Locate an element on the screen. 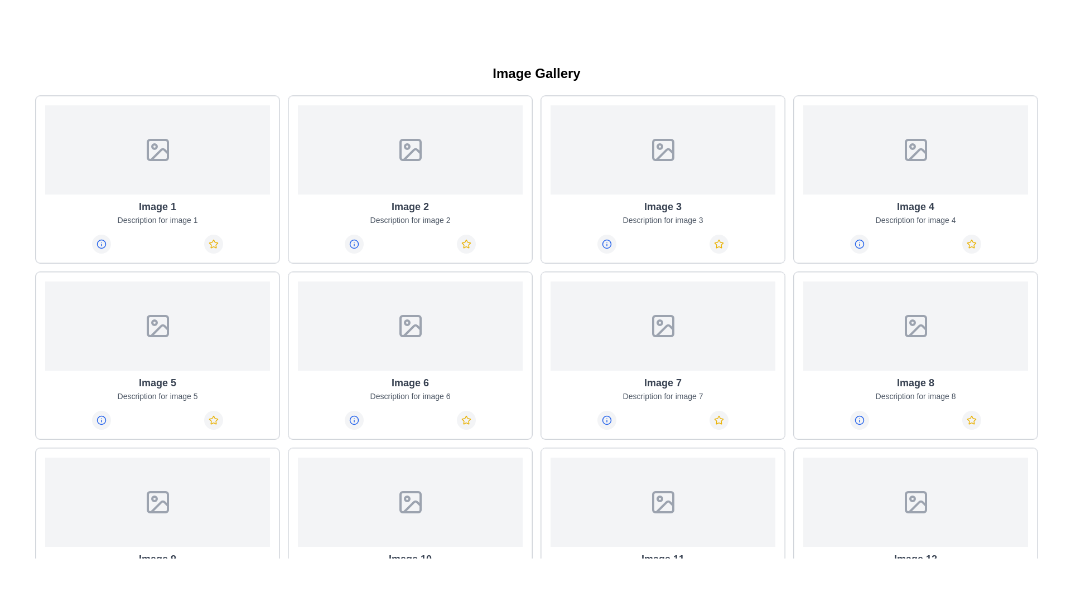 Image resolution: width=1071 pixels, height=602 pixels. the blue circular icon located below the 'Image 4' label in the fourth tile of the grid layout is located at coordinates (858, 244).